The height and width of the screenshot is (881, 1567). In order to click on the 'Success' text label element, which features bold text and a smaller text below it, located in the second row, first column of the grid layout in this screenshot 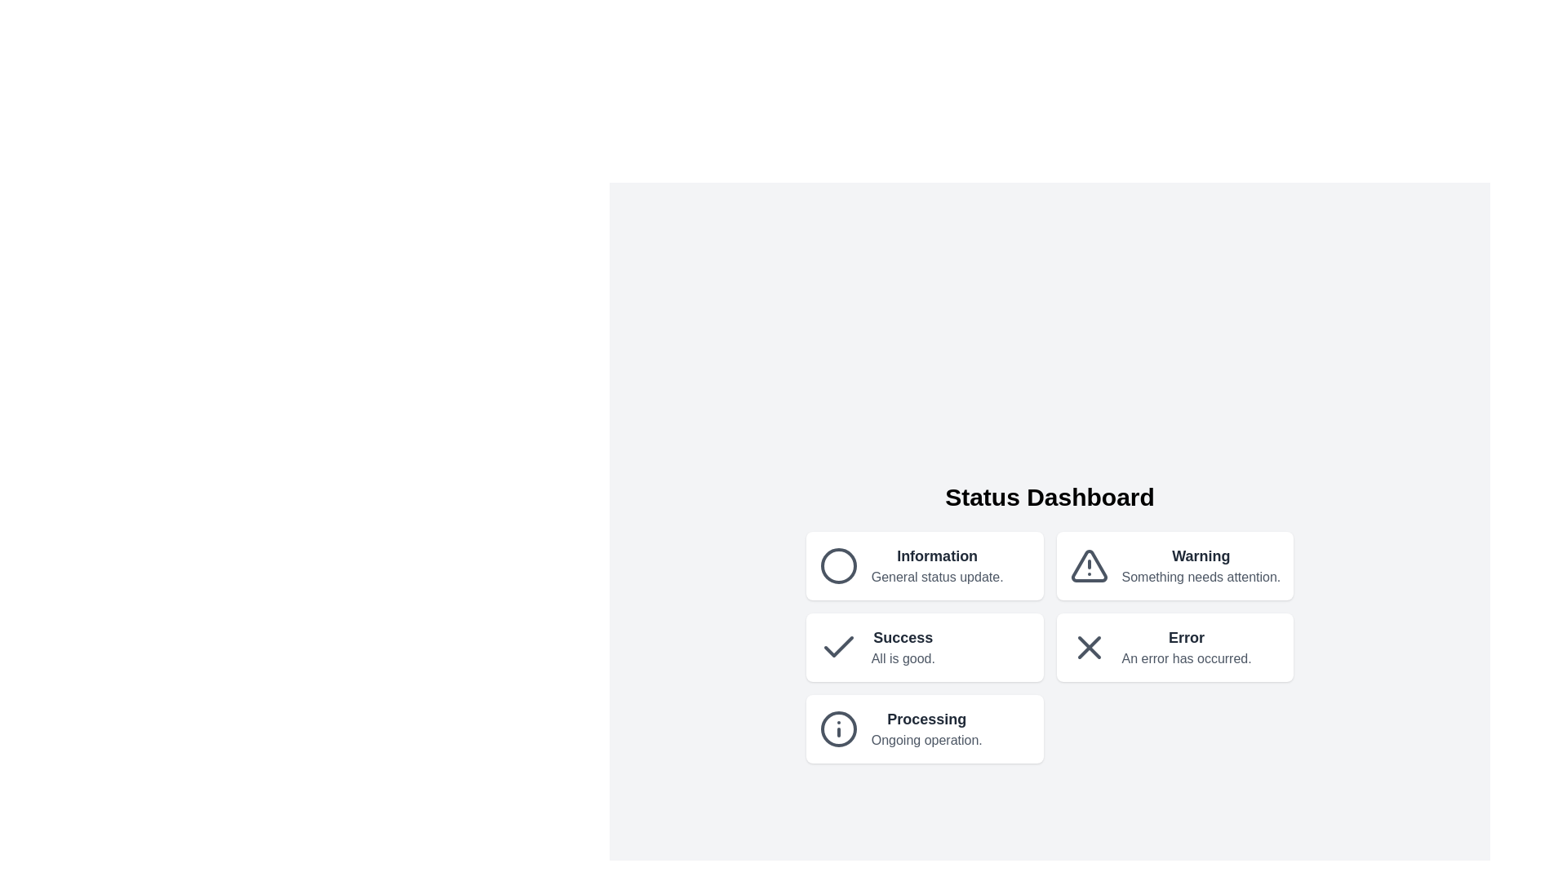, I will do `click(902, 647)`.